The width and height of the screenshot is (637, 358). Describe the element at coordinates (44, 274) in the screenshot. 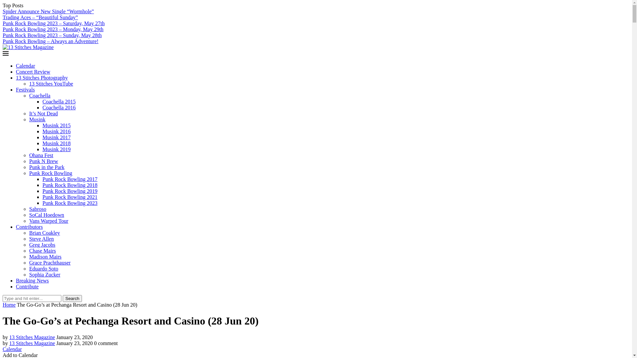

I see `'Sophia Zucker'` at that location.